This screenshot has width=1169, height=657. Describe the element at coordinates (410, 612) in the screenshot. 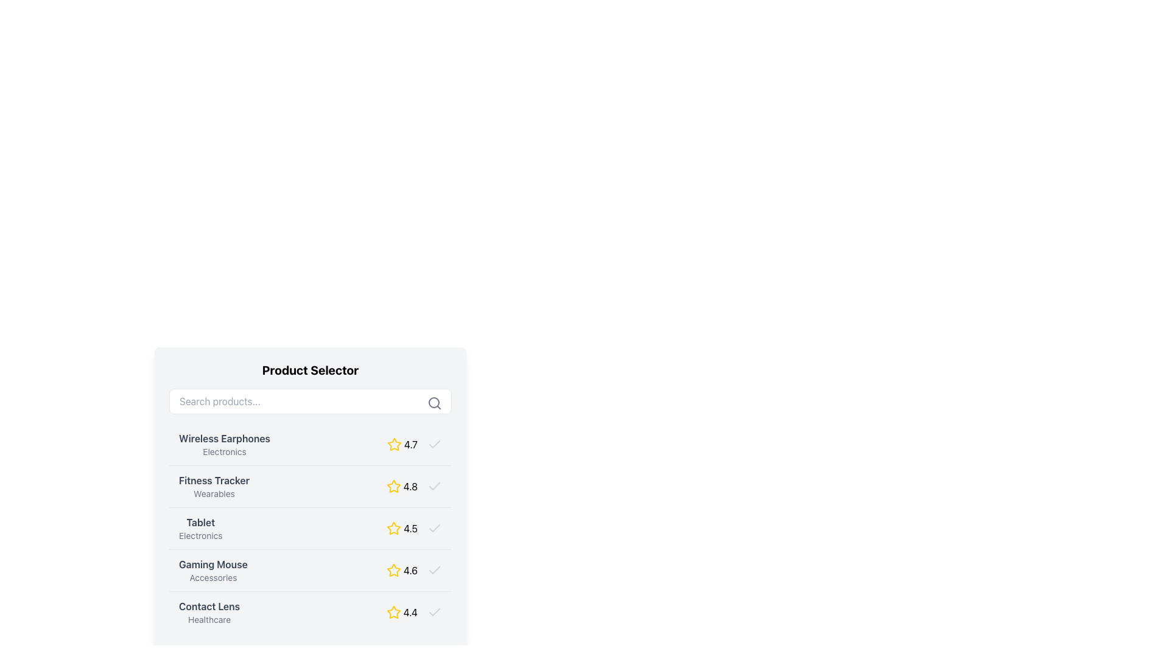

I see `text label displaying the value '4.4' located in the fifth row of the listing interface, adjacent to the star rating symbol` at that location.